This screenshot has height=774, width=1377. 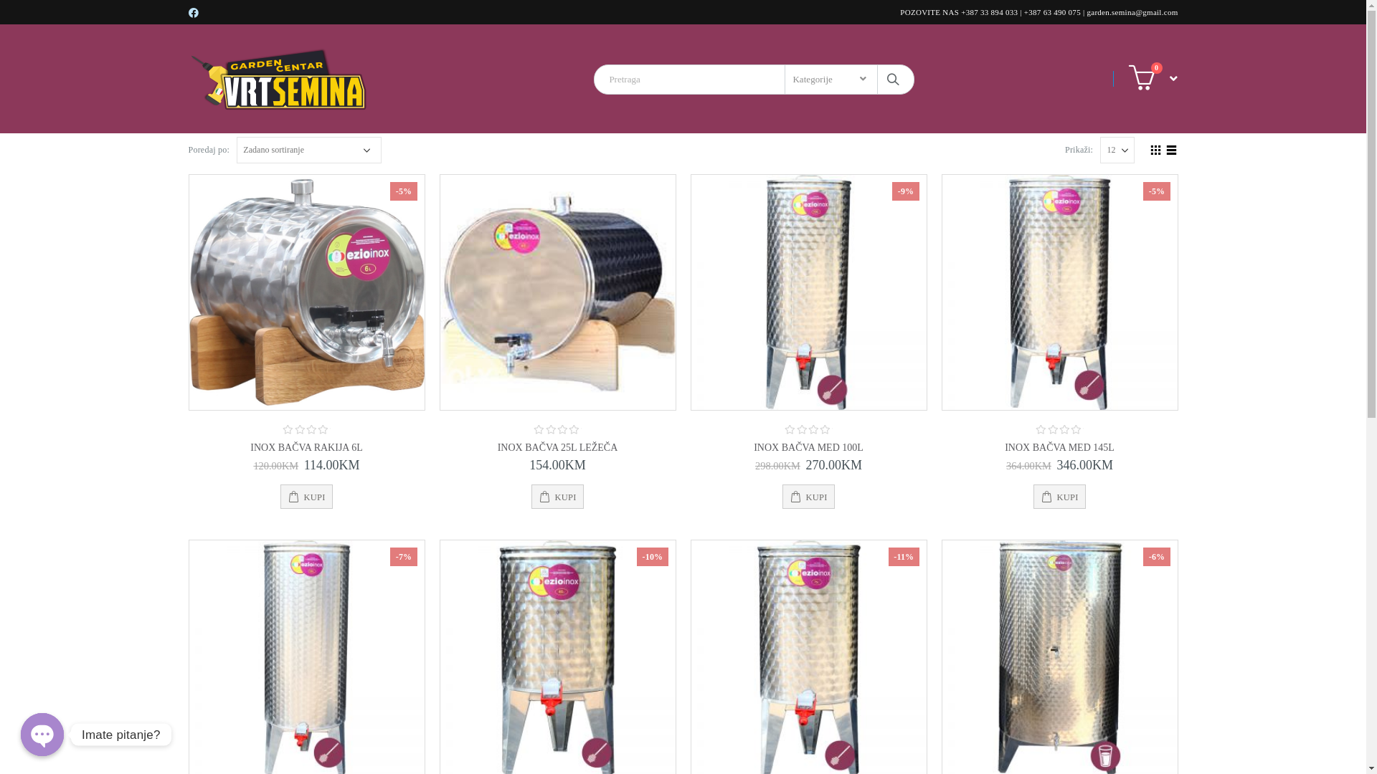 What do you see at coordinates (1170, 148) in the screenshot?
I see `'List View'` at bounding box center [1170, 148].